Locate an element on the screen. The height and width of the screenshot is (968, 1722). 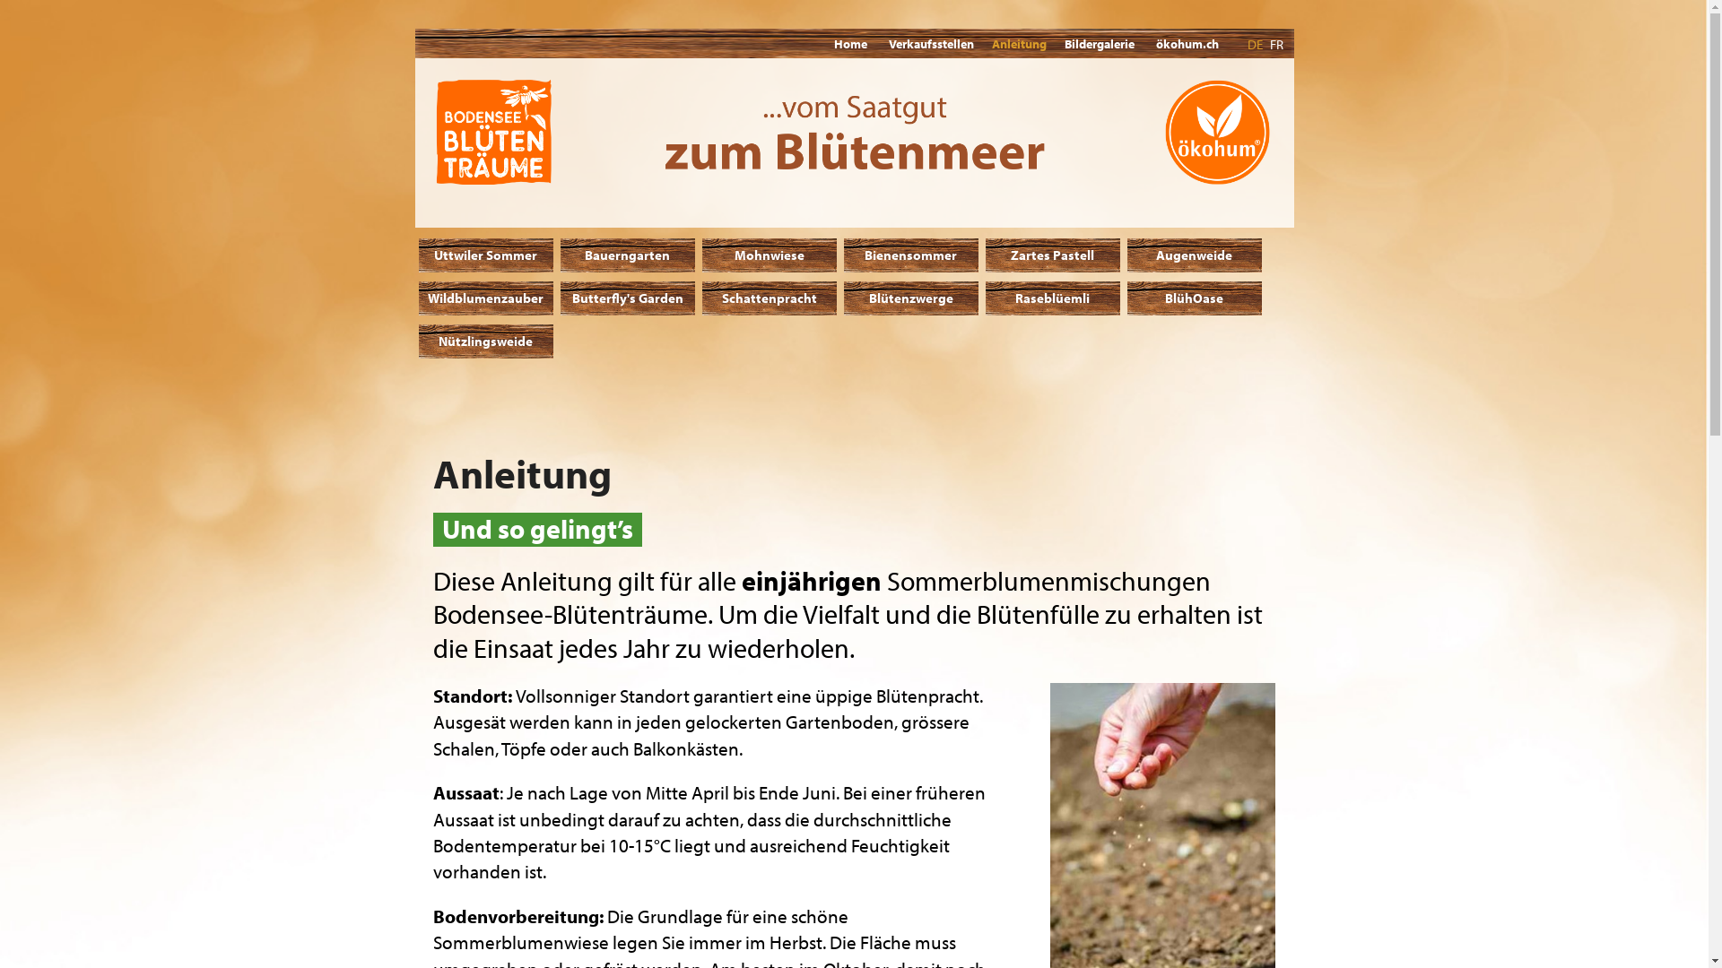
'FR' is located at coordinates (1275, 45).